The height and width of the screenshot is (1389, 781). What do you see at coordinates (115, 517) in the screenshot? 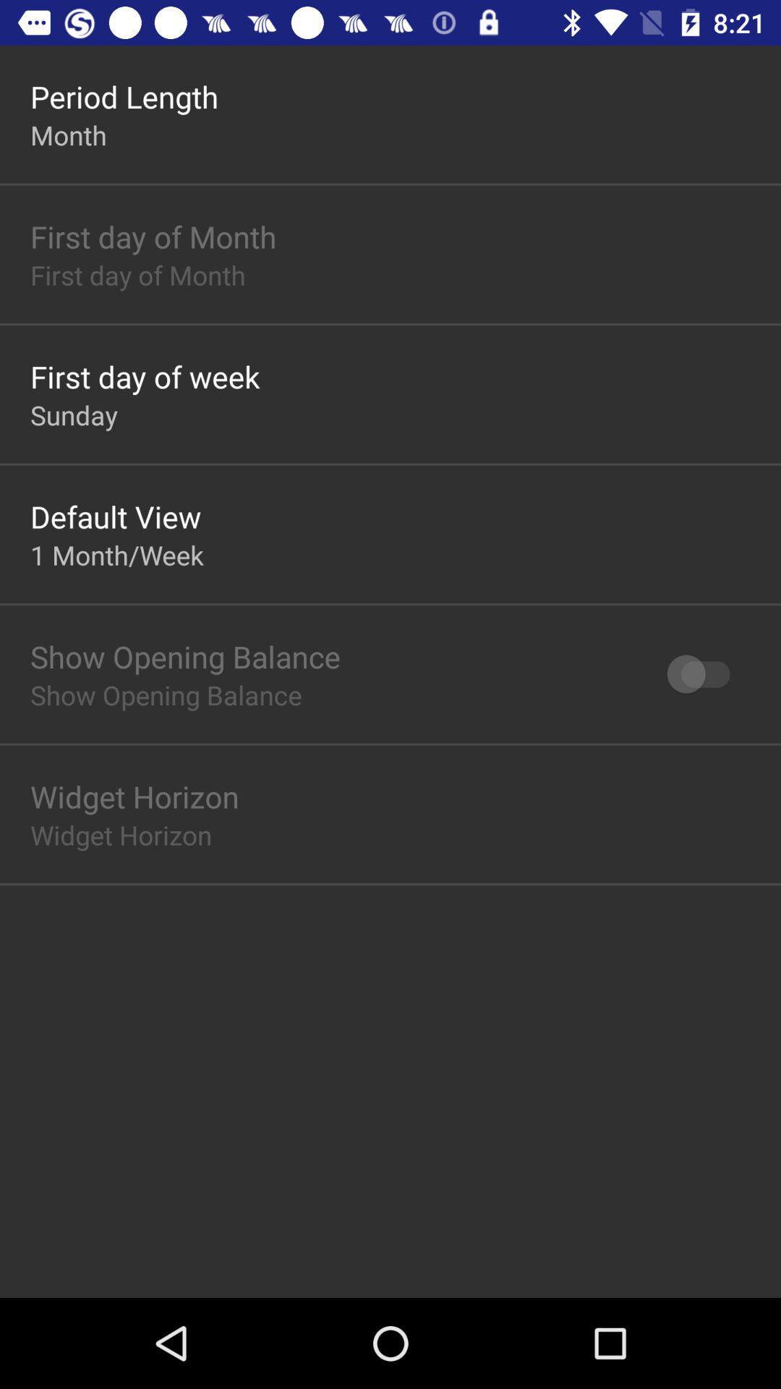
I see `default view` at bounding box center [115, 517].